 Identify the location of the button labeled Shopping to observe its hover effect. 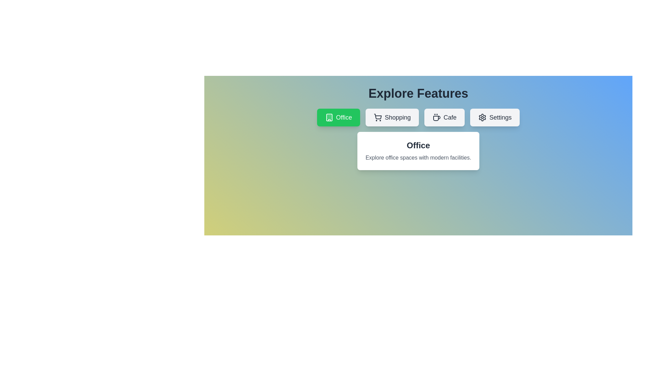
(392, 117).